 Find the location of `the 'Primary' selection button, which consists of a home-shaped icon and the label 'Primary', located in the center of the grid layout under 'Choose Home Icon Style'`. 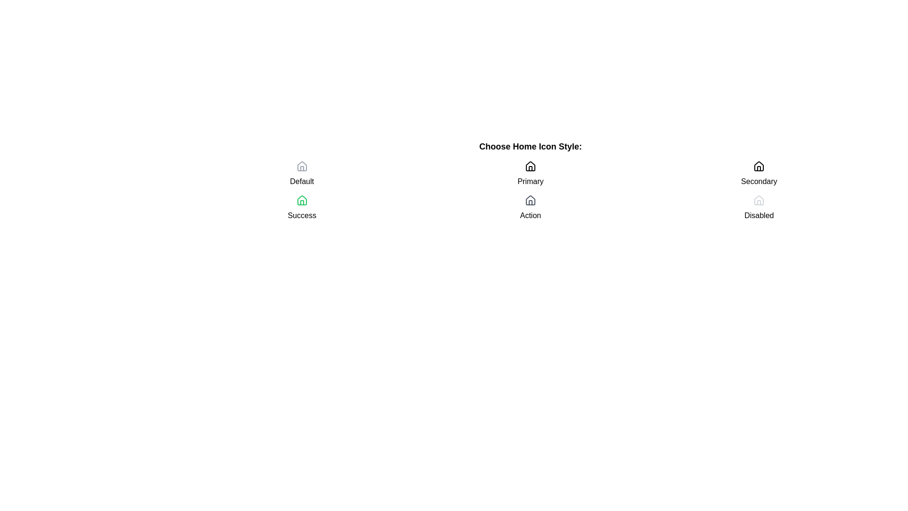

the 'Primary' selection button, which consists of a home-shaped icon and the label 'Primary', located in the center of the grid layout under 'Choose Home Icon Style' is located at coordinates (531, 174).